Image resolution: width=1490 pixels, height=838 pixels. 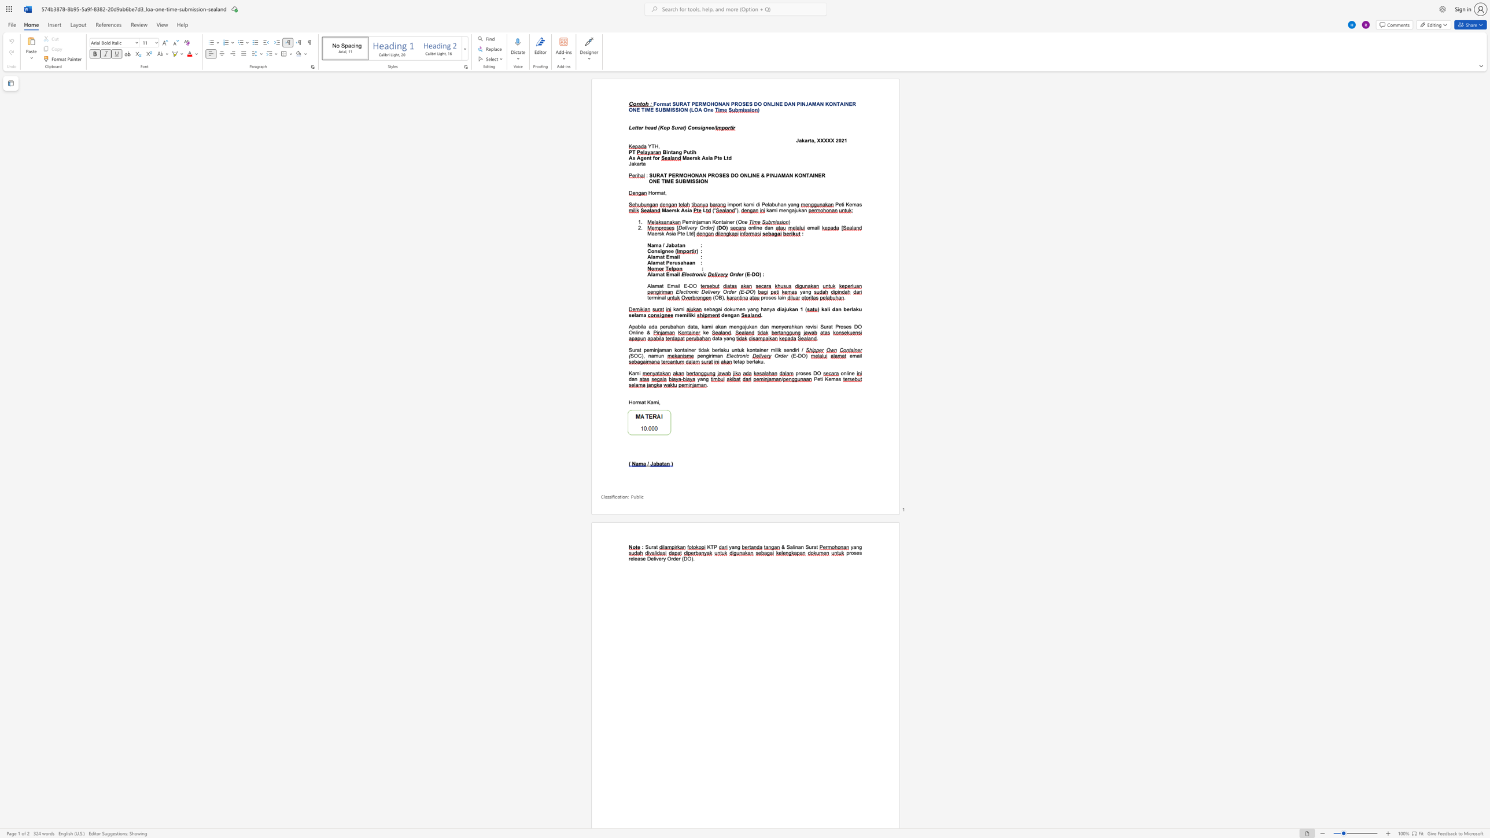 What do you see at coordinates (650, 128) in the screenshot?
I see `the subset text "ad (Kop Surat) Cons" within the text "Letter head (Kop Surat) Consignee/"` at bounding box center [650, 128].